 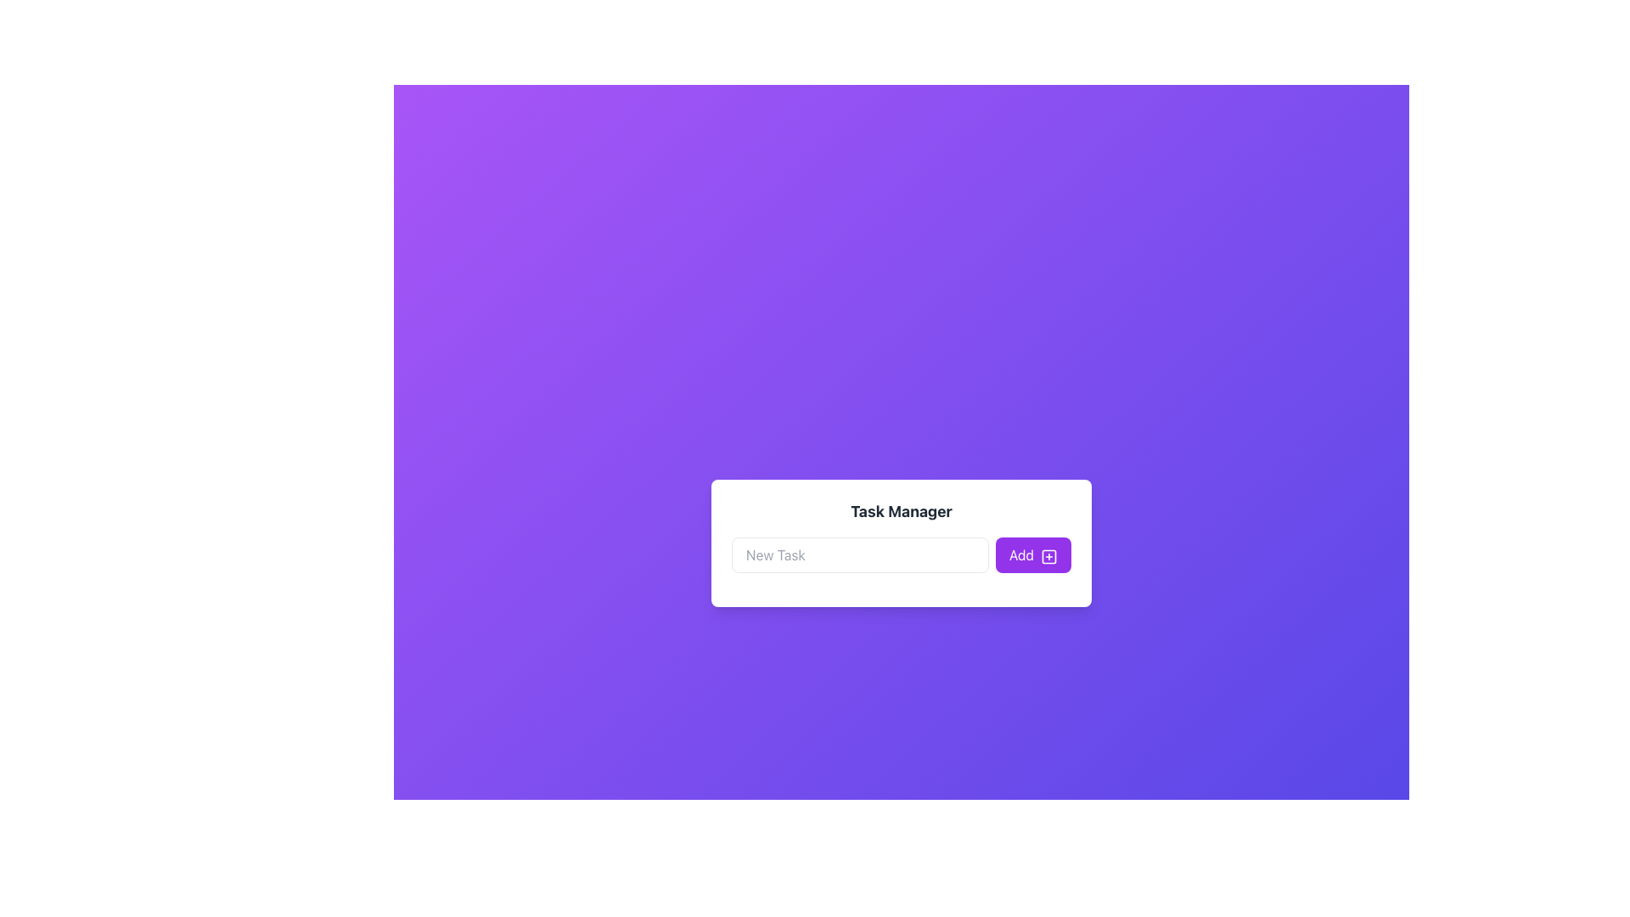 What do you see at coordinates (1032, 555) in the screenshot?
I see `the button located on the right-hand side of the input field labeled 'New Task'` at bounding box center [1032, 555].